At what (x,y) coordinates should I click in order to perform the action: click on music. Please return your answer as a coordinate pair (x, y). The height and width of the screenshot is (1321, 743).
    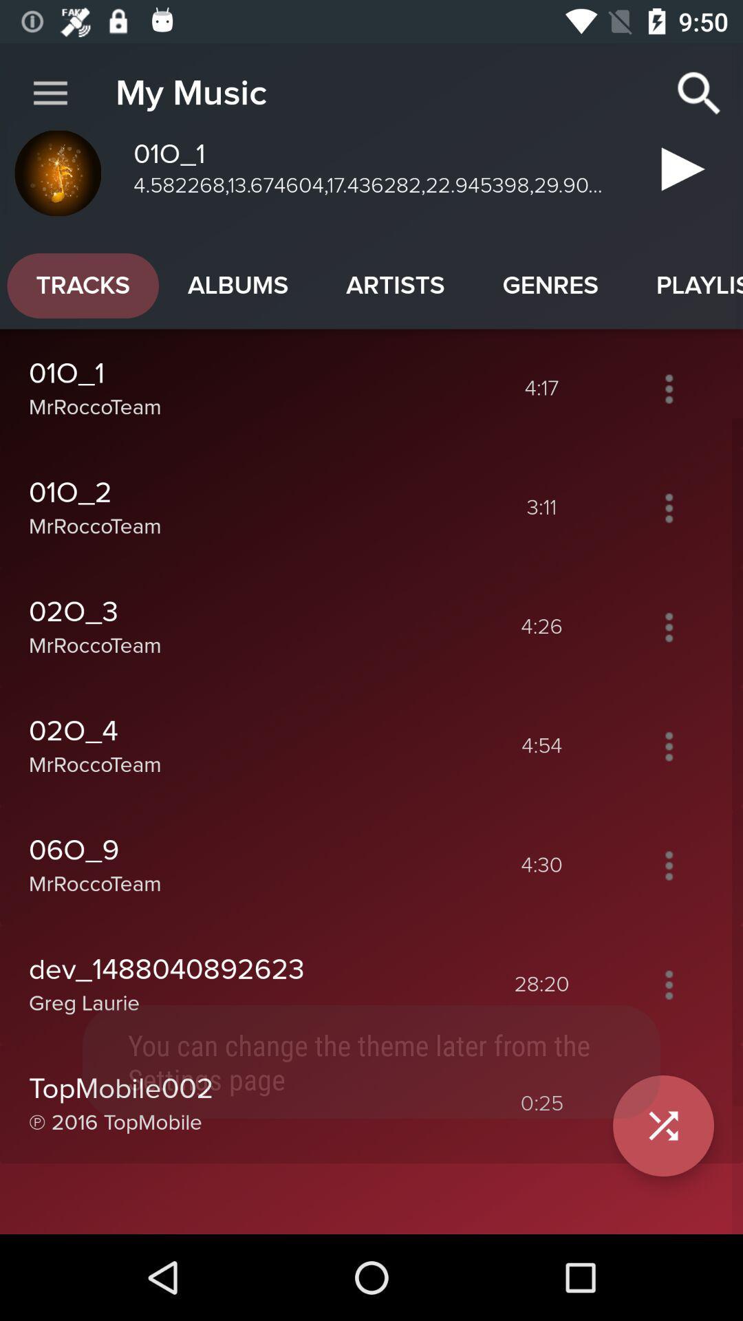
    Looking at the image, I should click on (677, 174).